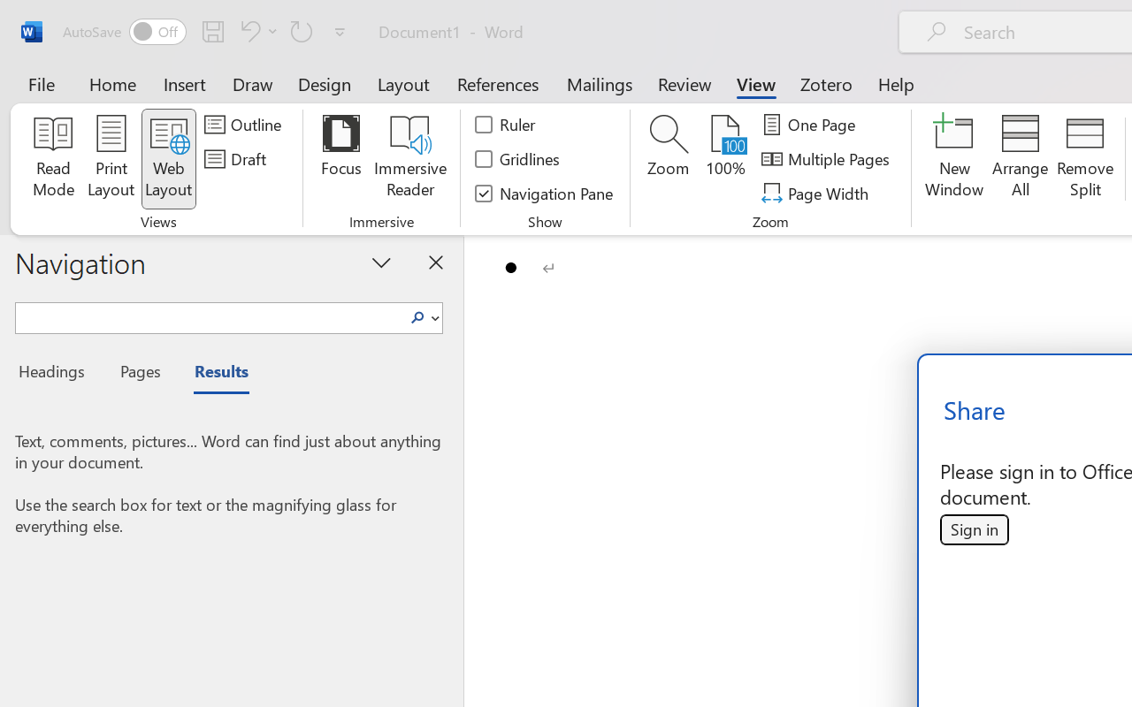  I want to click on 'Gridlines', so click(517, 158).